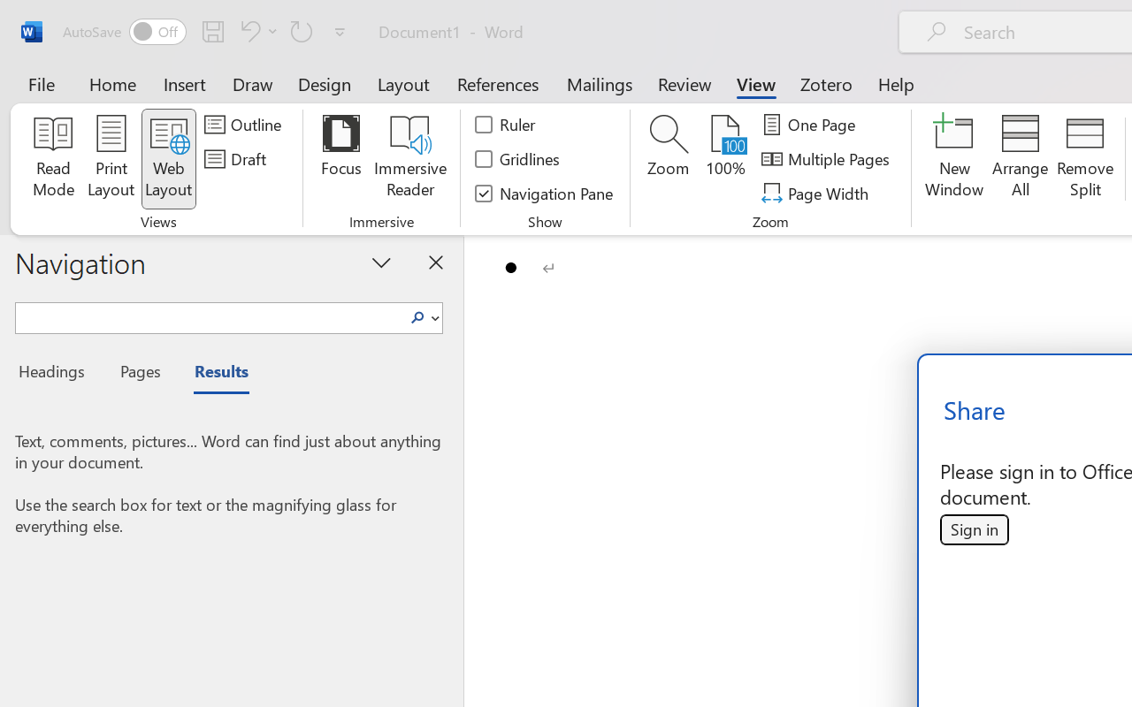  I want to click on 'Gridlines', so click(517, 158).